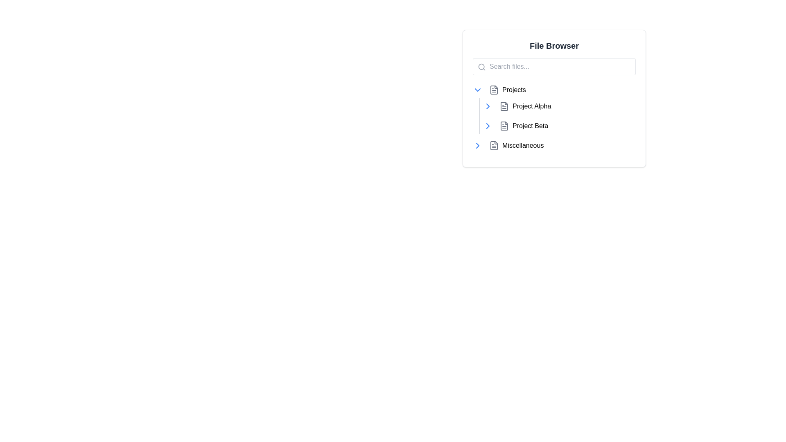 Image resolution: width=786 pixels, height=442 pixels. What do you see at coordinates (504, 126) in the screenshot?
I see `the file icon representing 'Project Beta'` at bounding box center [504, 126].